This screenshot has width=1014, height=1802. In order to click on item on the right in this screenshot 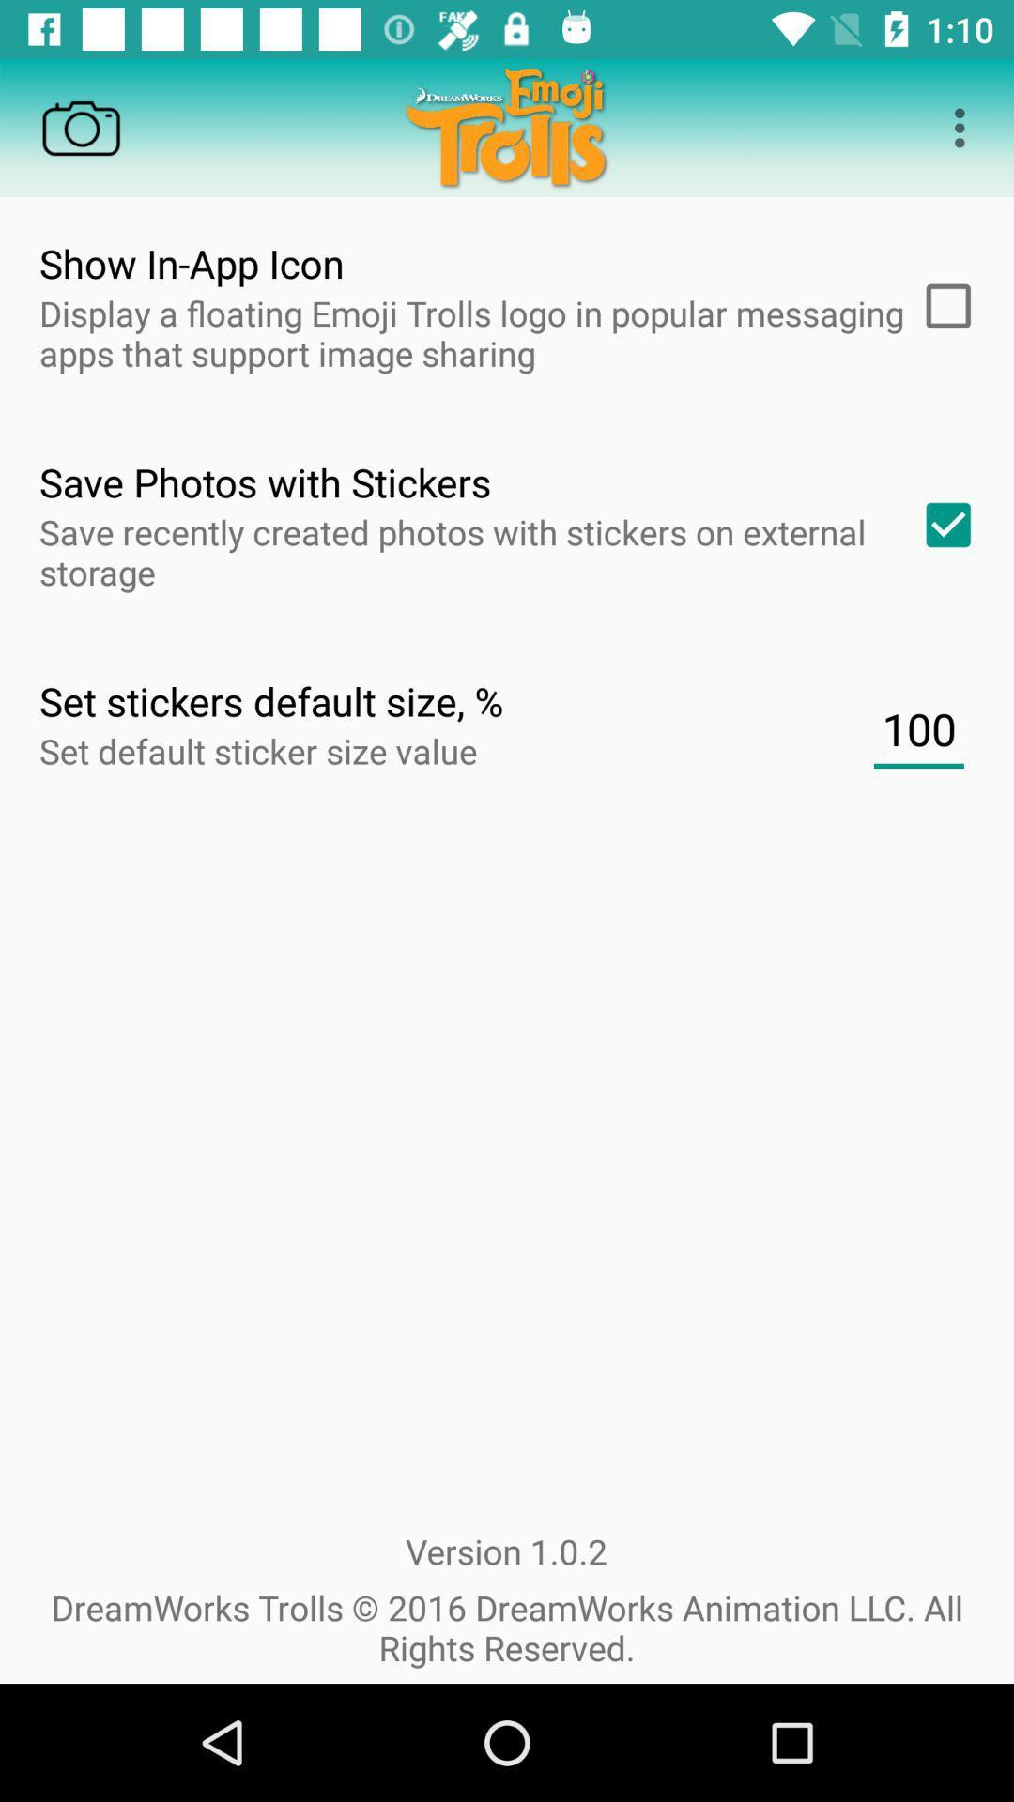, I will do `click(917, 728)`.